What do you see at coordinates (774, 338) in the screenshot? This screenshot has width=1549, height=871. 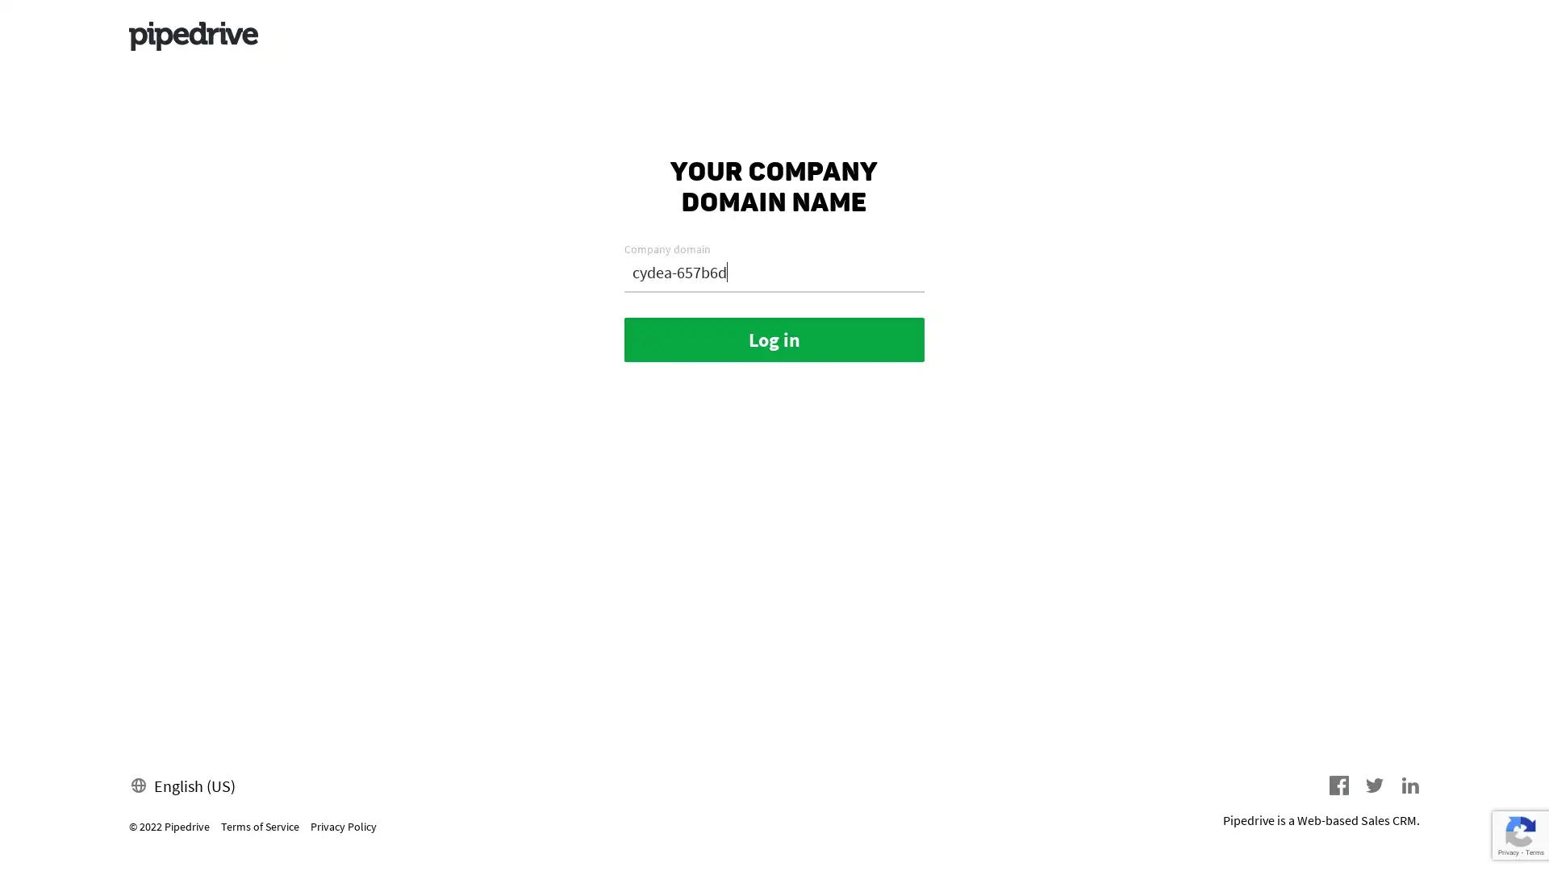 I see `Log in` at bounding box center [774, 338].